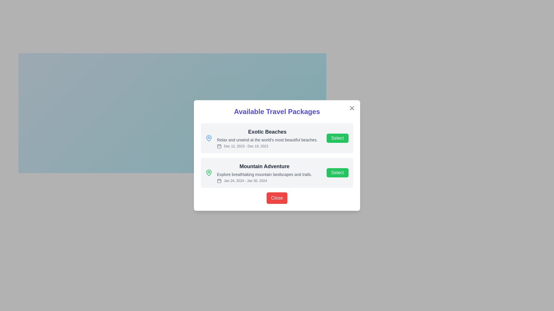 This screenshot has width=554, height=311. What do you see at coordinates (267, 138) in the screenshot?
I see `the travel package information display located in the first list item of the selection dialog, which includes the destination name, description, and date range, positioned to the right of a blue location pin icon and left of the 'Select' button` at bounding box center [267, 138].